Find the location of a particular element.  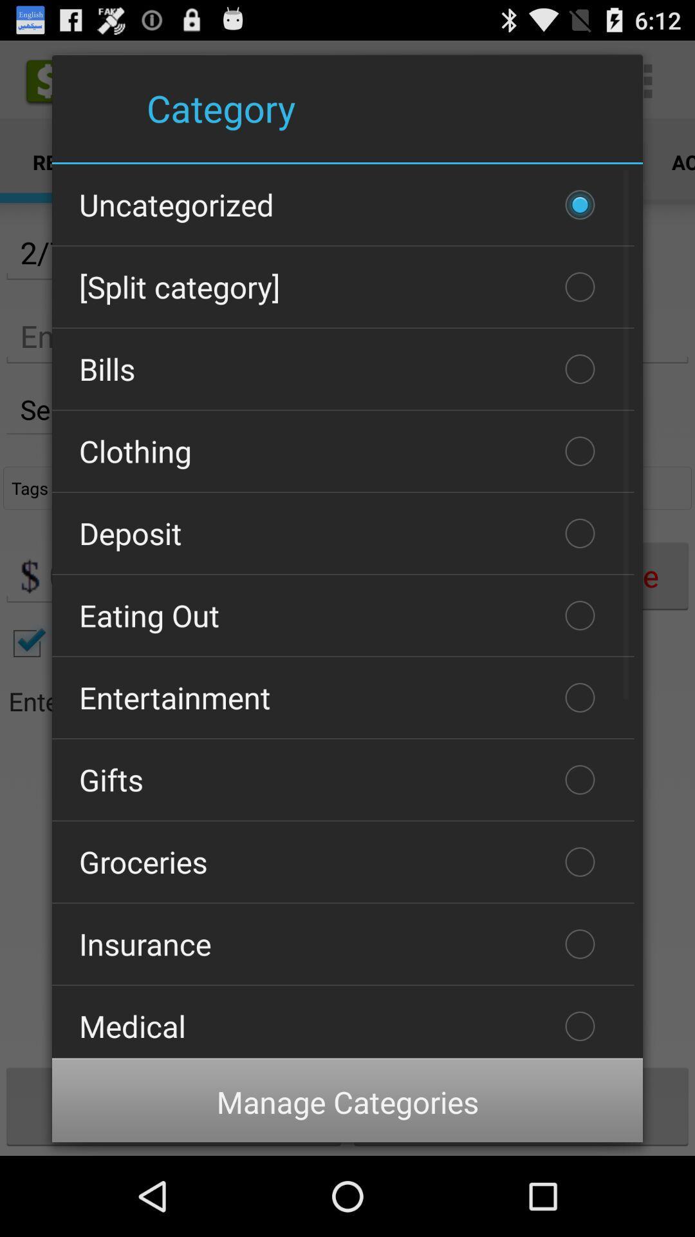

the item below the insurance icon is located at coordinates (342, 1021).